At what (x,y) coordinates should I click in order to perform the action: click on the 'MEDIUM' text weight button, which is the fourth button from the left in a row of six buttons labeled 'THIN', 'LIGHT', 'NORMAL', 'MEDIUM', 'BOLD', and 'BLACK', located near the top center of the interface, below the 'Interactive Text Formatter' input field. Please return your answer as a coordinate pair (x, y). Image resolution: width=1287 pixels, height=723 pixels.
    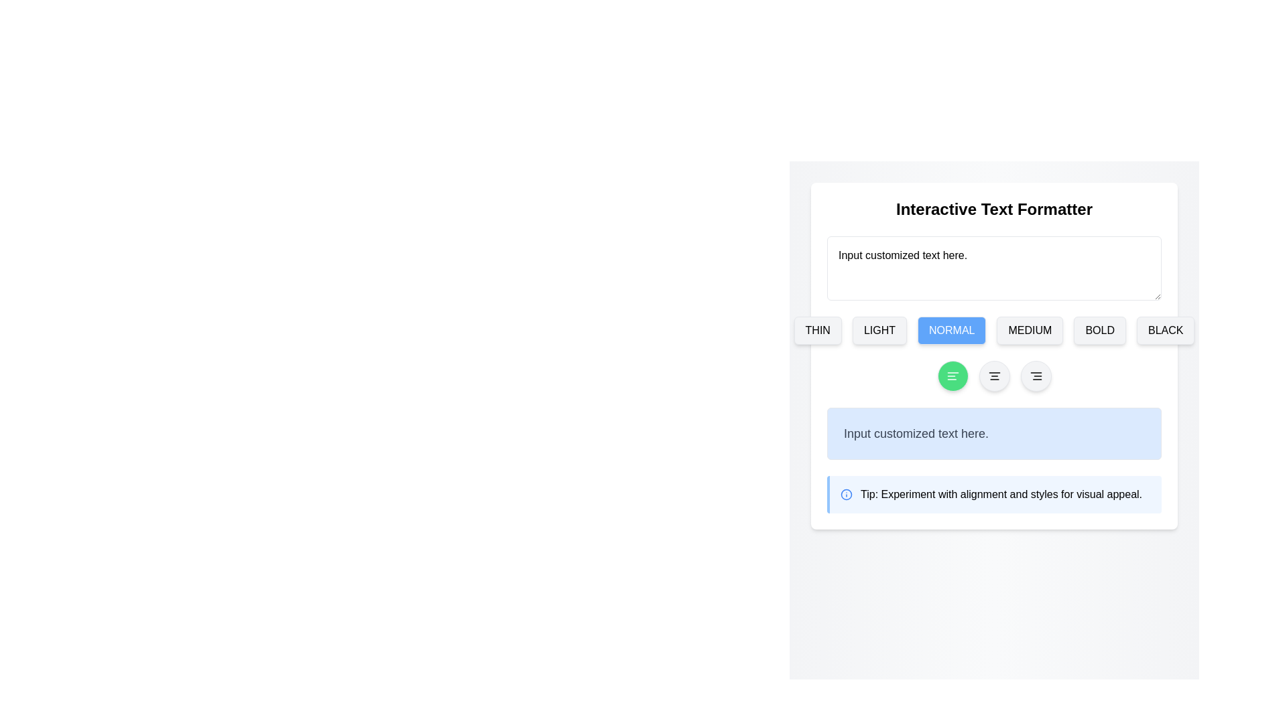
    Looking at the image, I should click on (1029, 330).